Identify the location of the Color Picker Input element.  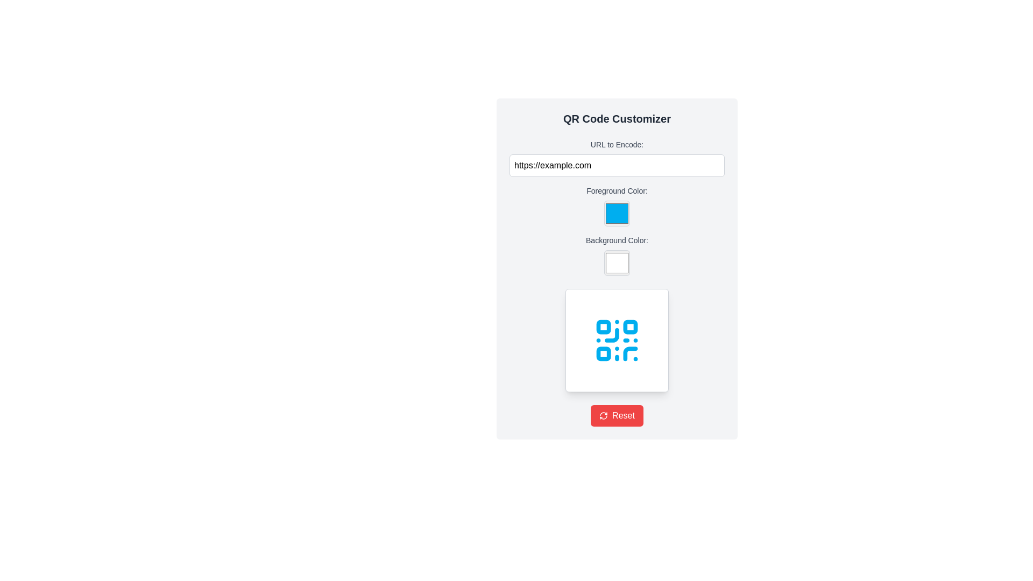
(617, 255).